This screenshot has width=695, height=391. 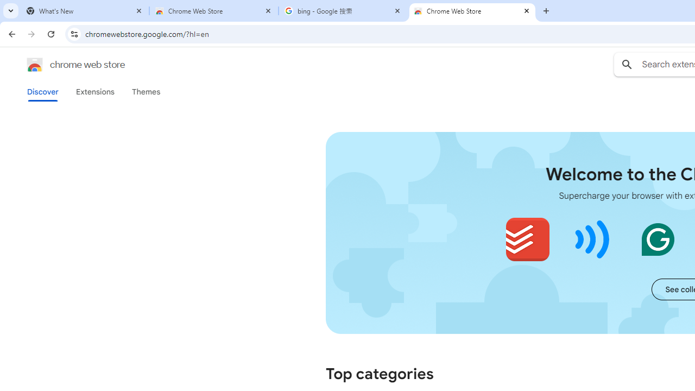 I want to click on 'Grammarly: AI Writing and Grammar Checker App', so click(x=657, y=239).